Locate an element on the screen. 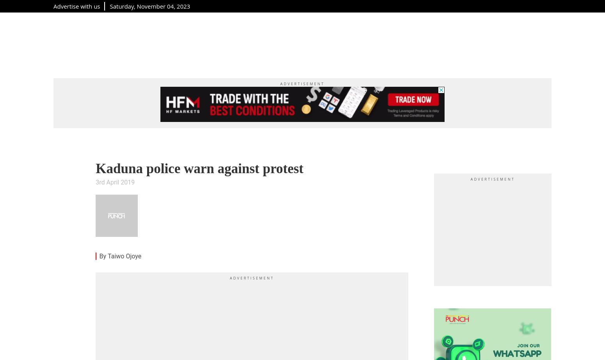 This screenshot has width=605, height=360. 'Metro Plus' is located at coordinates (119, 43).